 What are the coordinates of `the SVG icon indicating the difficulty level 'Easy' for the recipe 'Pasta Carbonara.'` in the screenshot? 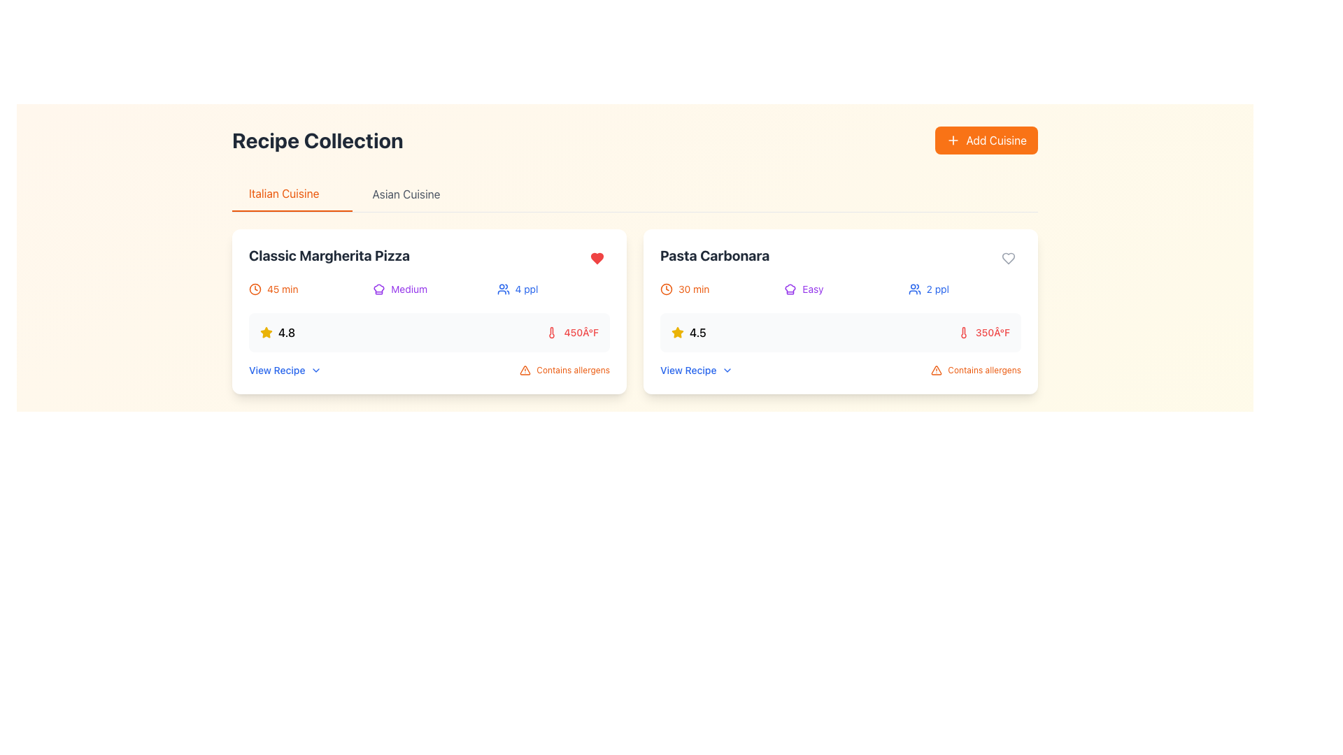 It's located at (790, 288).